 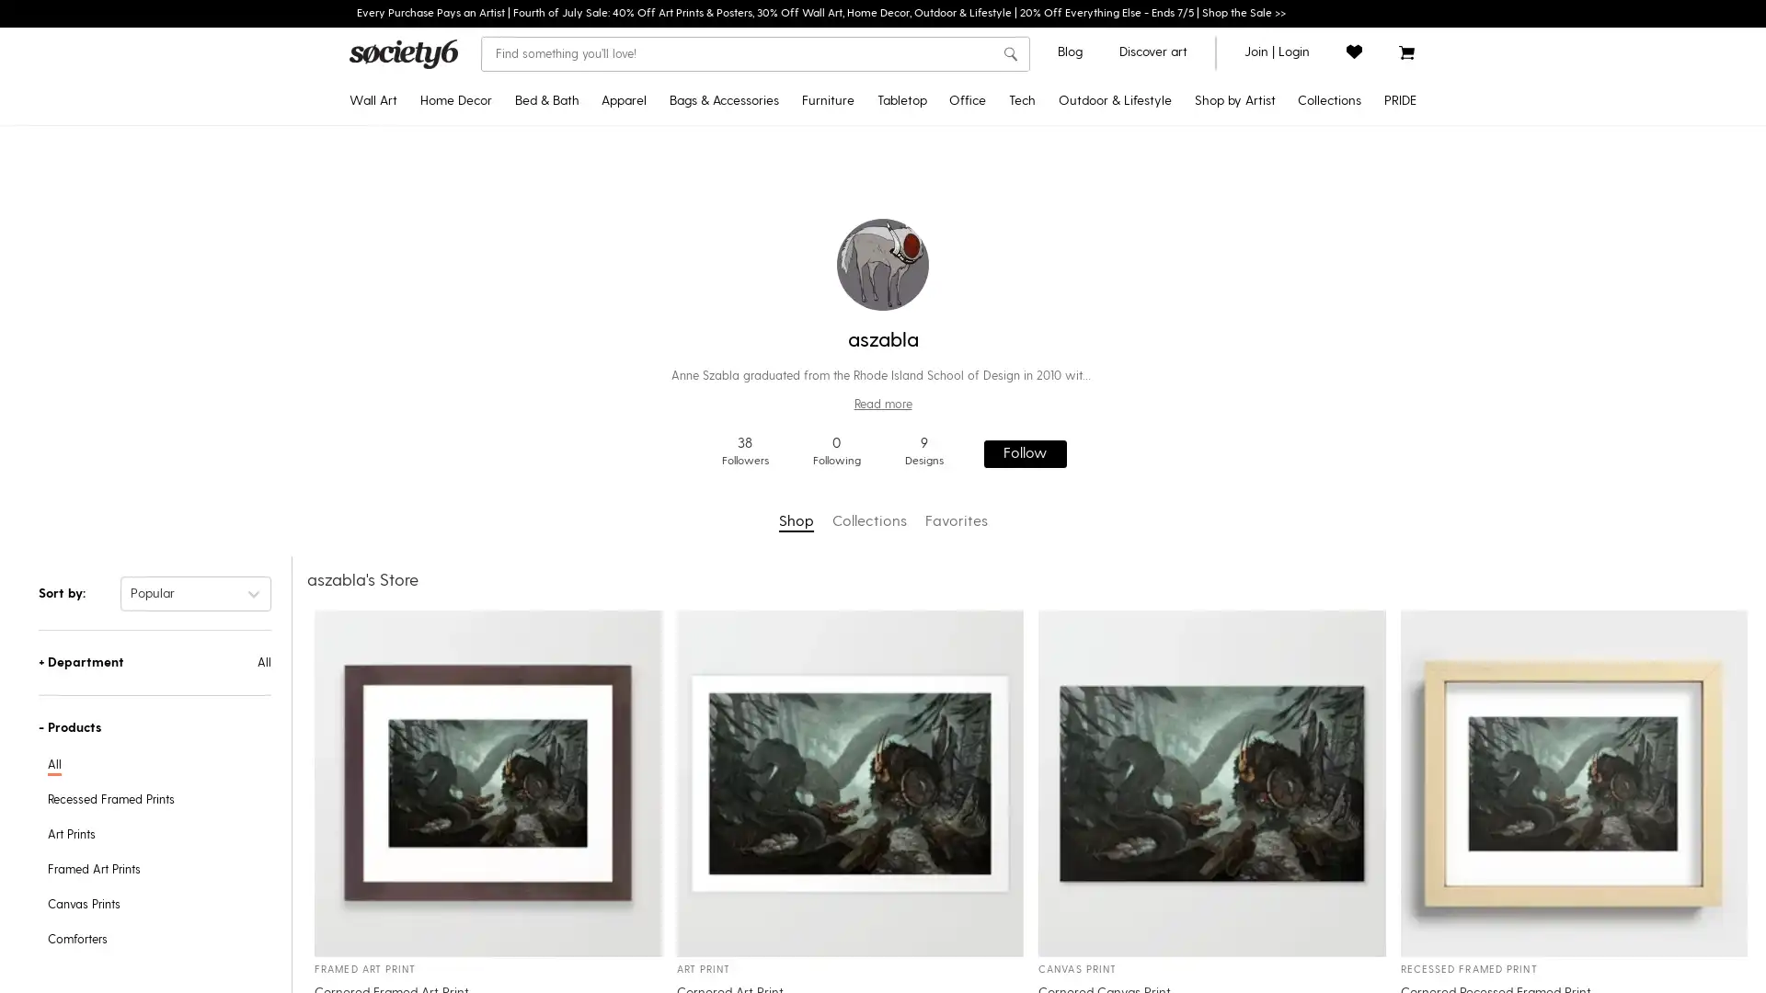 I want to click on Area Rugs, so click(x=490, y=414).